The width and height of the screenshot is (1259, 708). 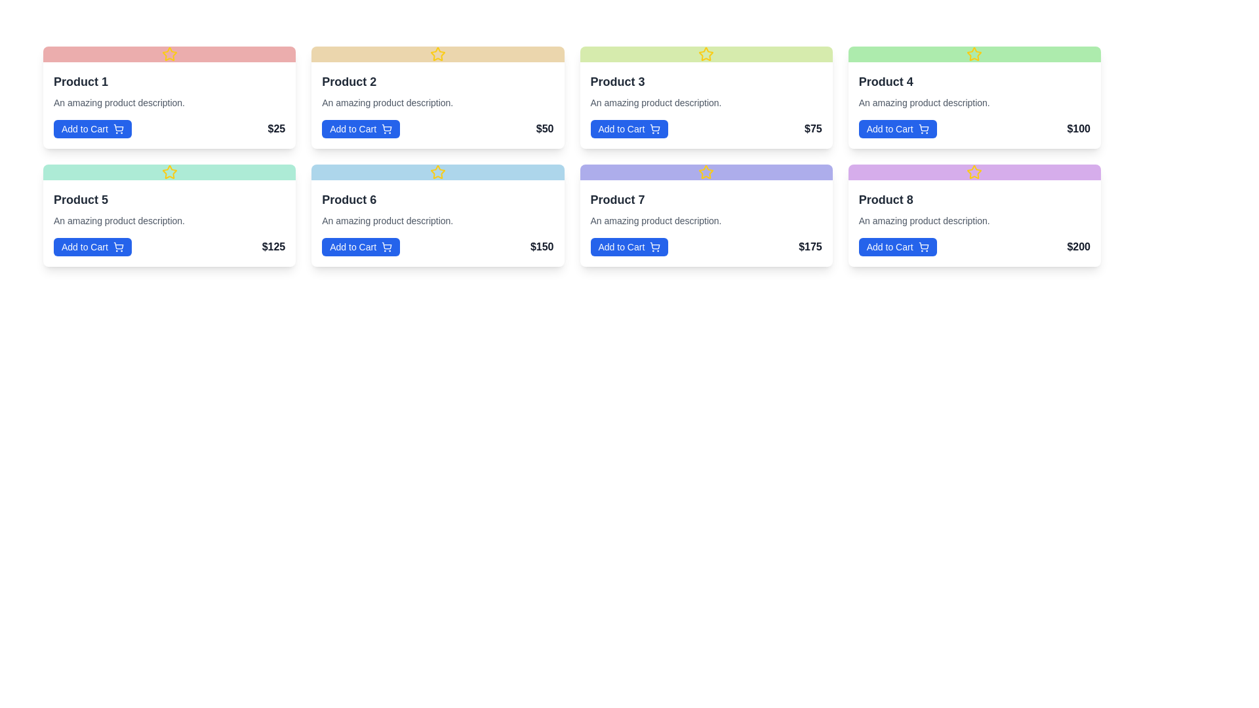 I want to click on the star-shaped icon with a yellow outline located at the top center of the lavender-colored box labeled 'Product 8', so click(x=974, y=171).